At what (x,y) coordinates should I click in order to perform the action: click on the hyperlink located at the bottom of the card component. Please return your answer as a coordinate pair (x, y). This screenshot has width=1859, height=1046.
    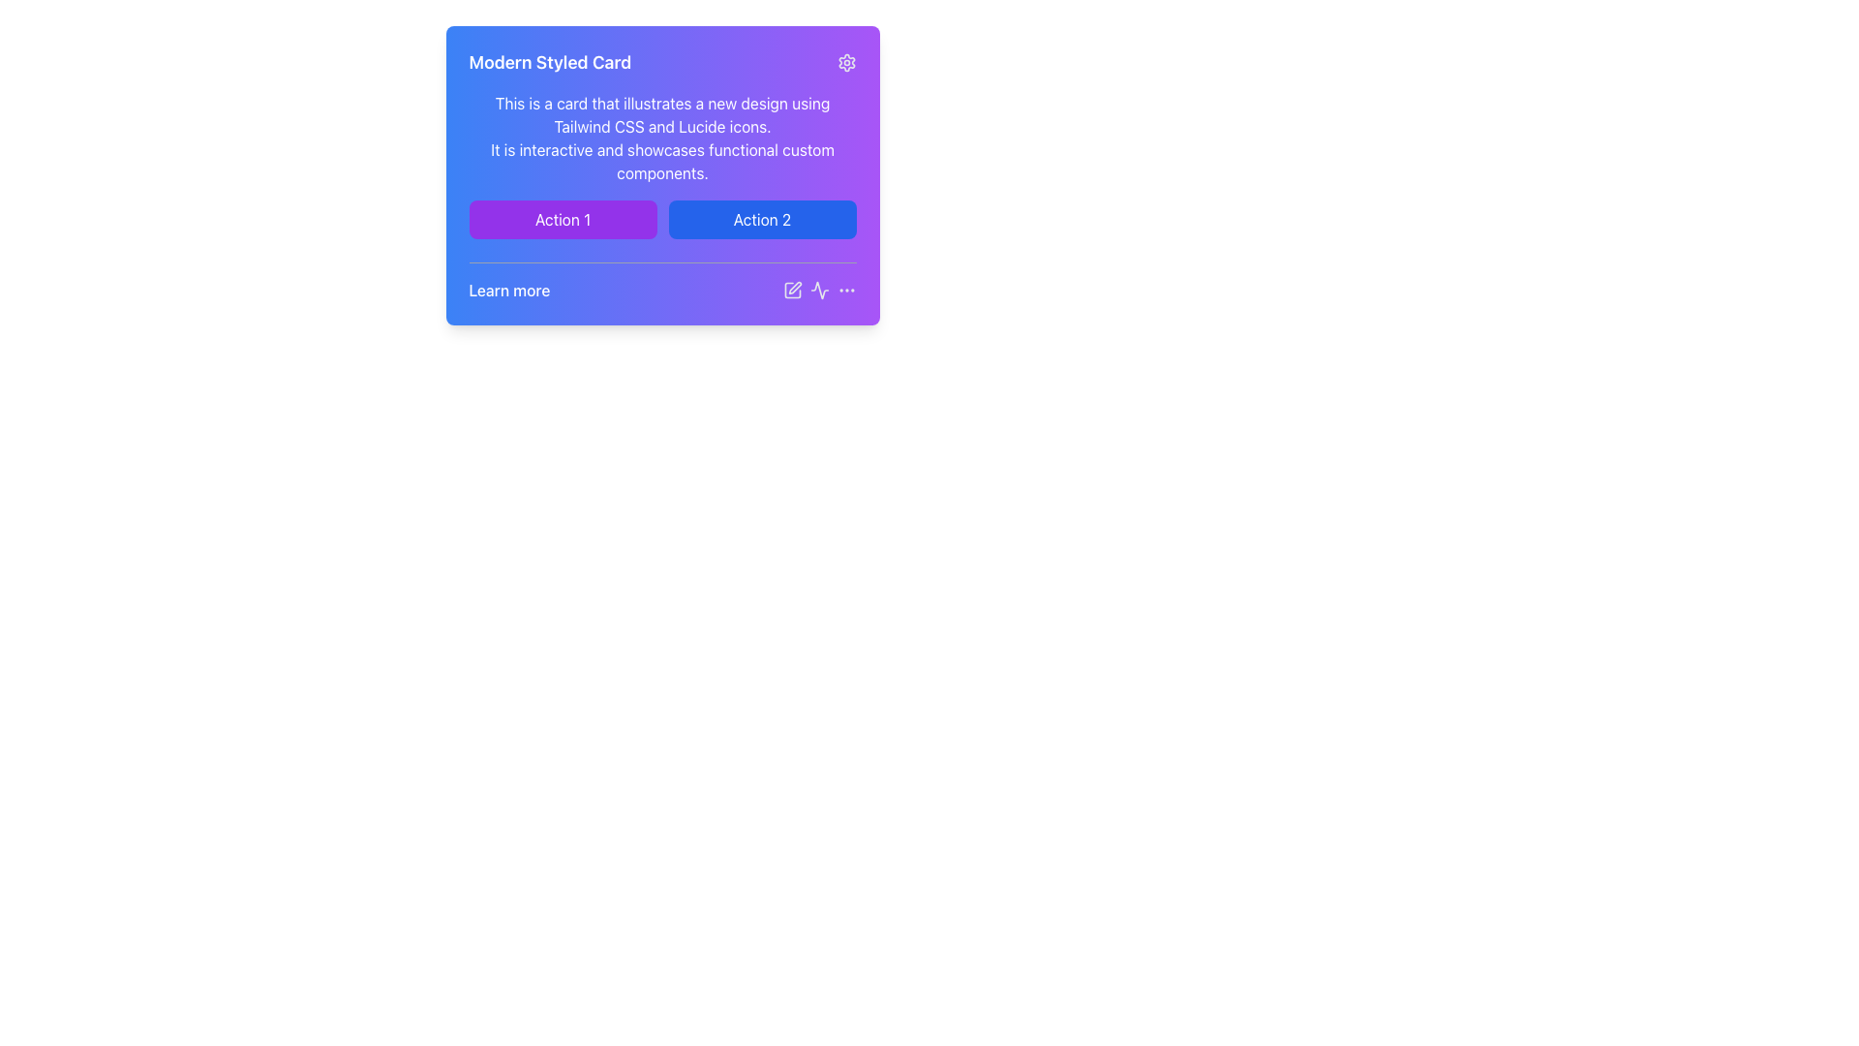
    Looking at the image, I should click on (509, 291).